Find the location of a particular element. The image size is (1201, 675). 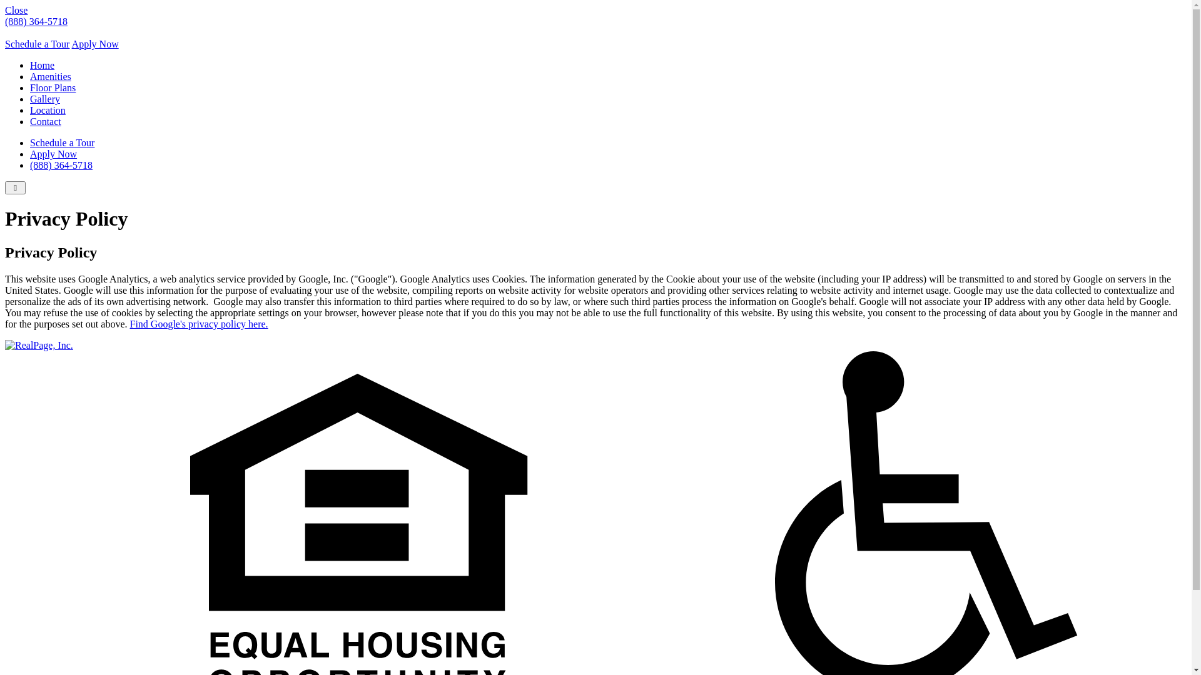

'Schedule a Tour' is located at coordinates (37, 43).